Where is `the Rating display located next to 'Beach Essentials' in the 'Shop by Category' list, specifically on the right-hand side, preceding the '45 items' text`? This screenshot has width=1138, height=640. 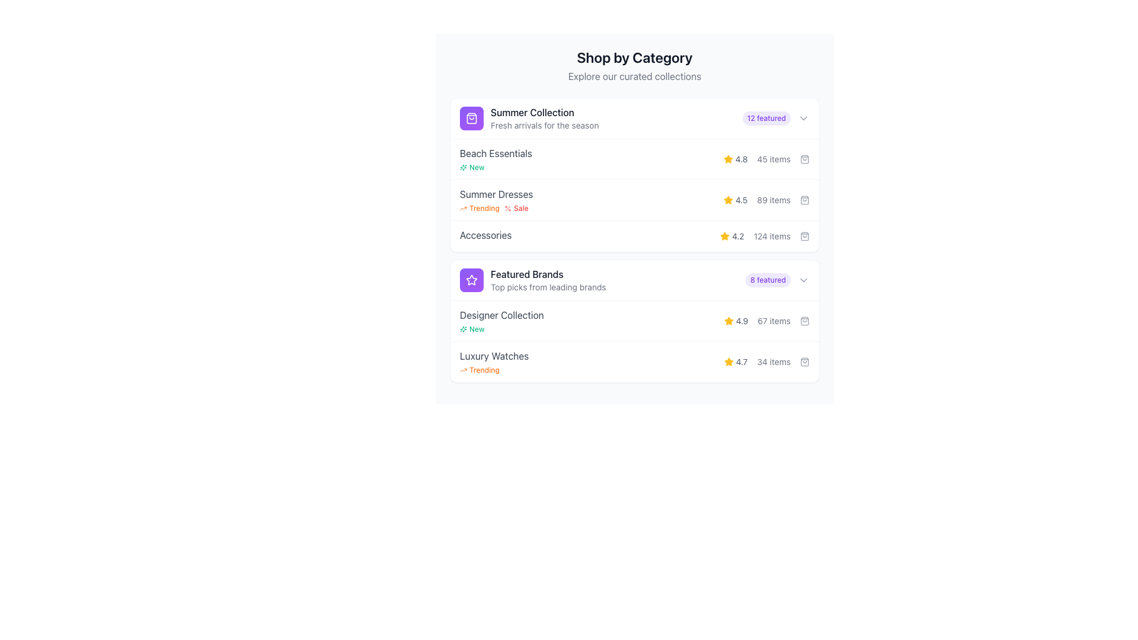 the Rating display located next to 'Beach Essentials' in the 'Shop by Category' list, specifically on the right-hand side, preceding the '45 items' text is located at coordinates (735, 159).